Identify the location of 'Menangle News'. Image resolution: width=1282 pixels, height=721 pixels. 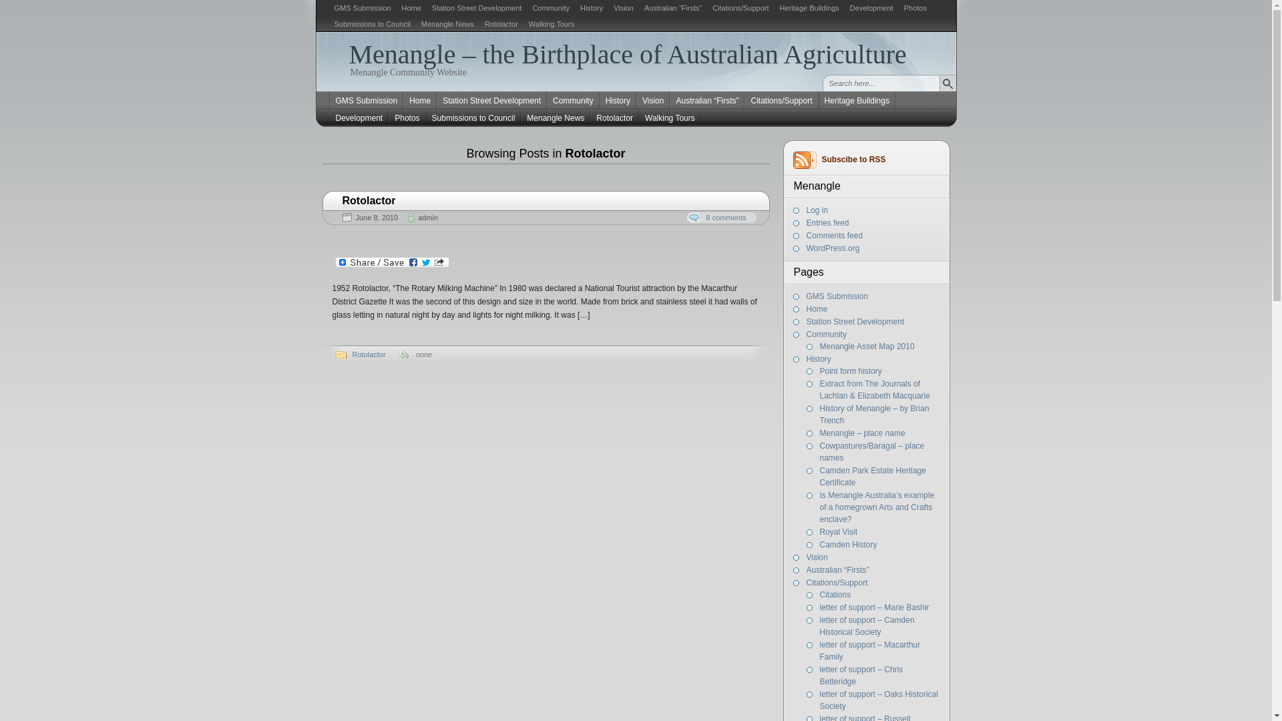
(447, 23).